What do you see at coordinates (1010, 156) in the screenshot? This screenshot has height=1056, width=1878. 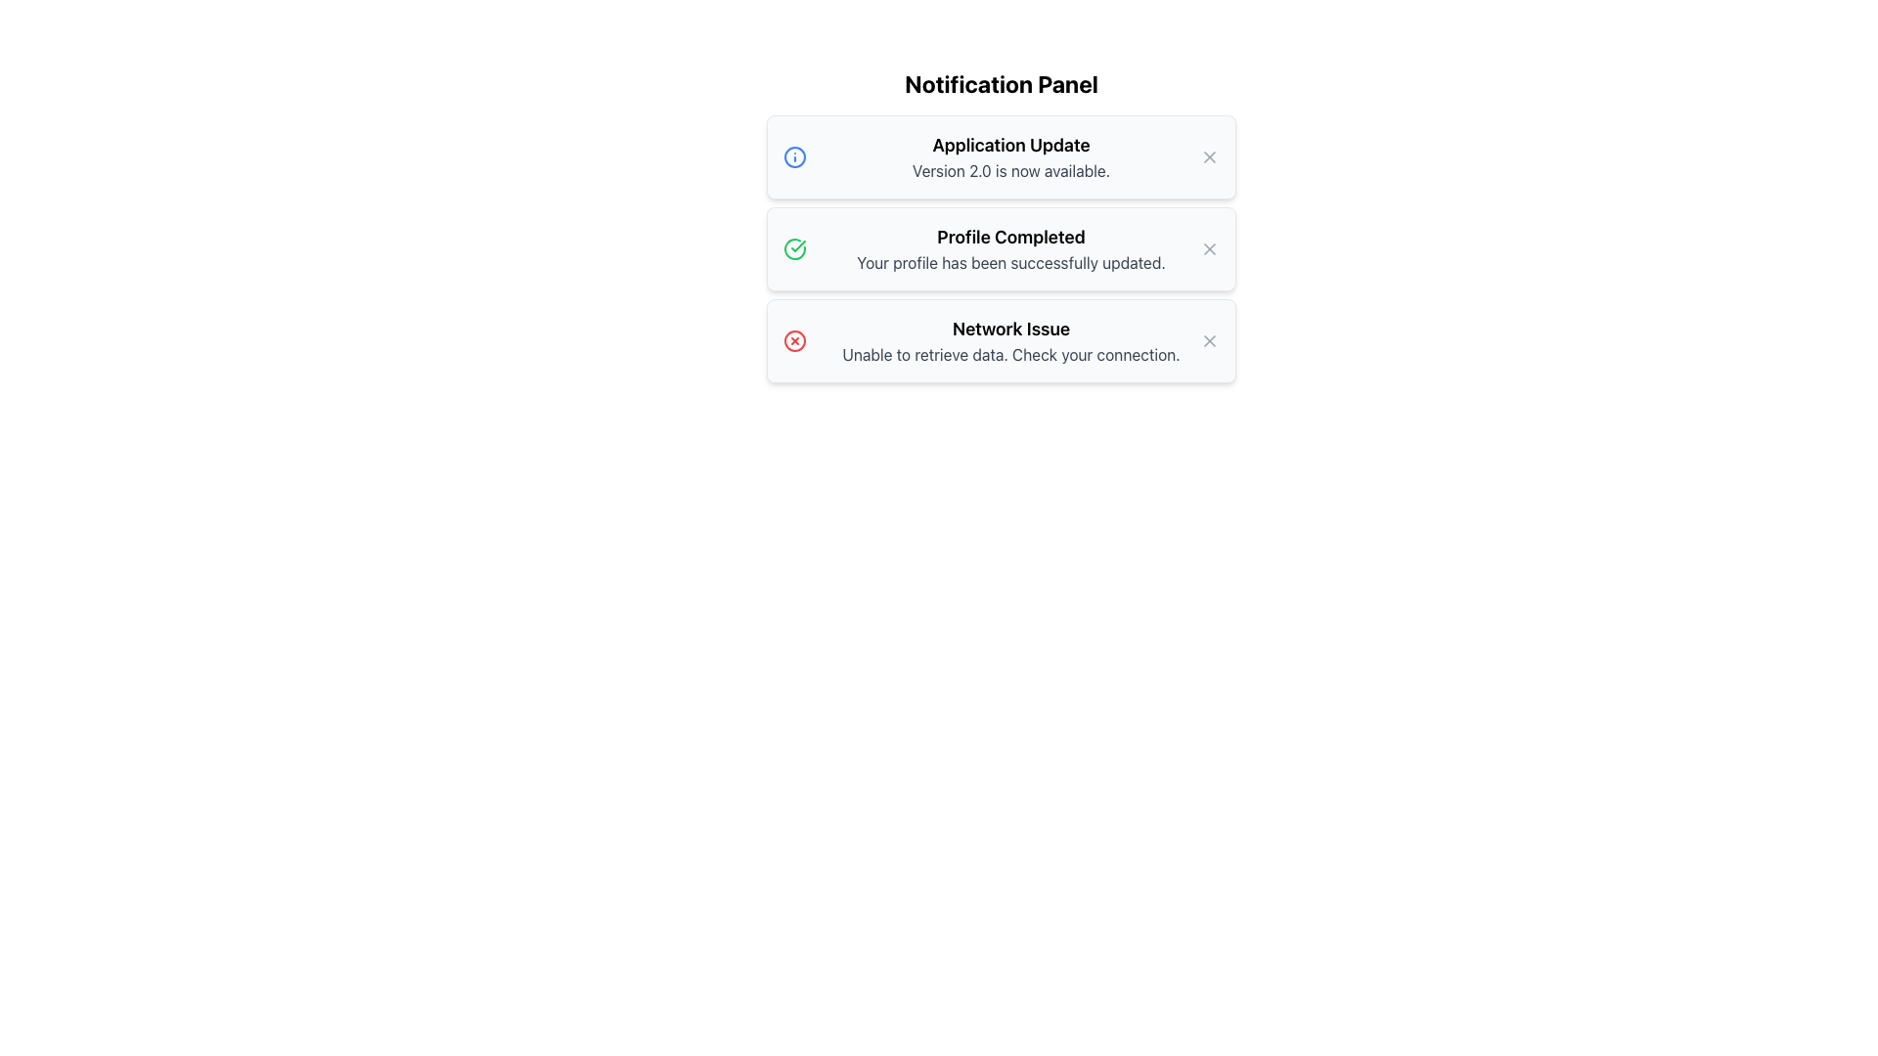 I see `the static text display that conveys application update information located at the top section of the notification panel` at bounding box center [1010, 156].